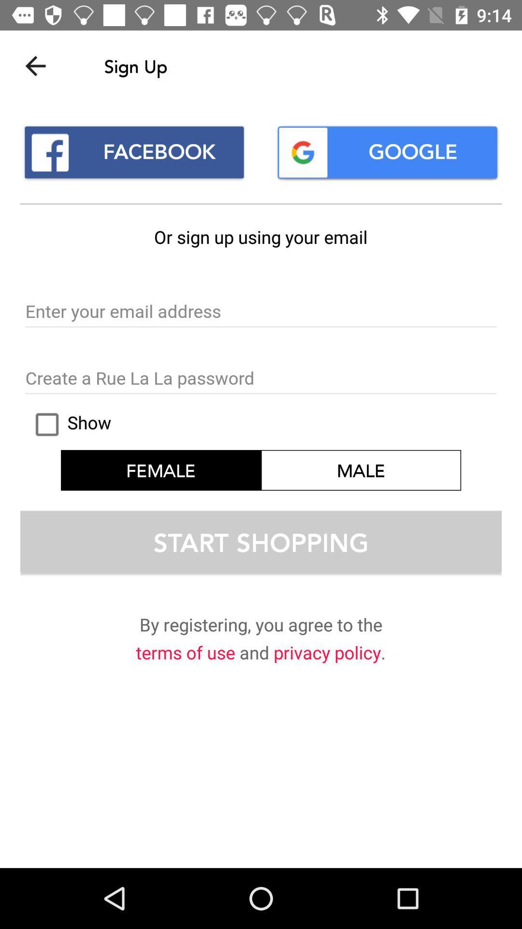  Describe the element at coordinates (160, 470) in the screenshot. I see `icon above the start shopping icon` at that location.